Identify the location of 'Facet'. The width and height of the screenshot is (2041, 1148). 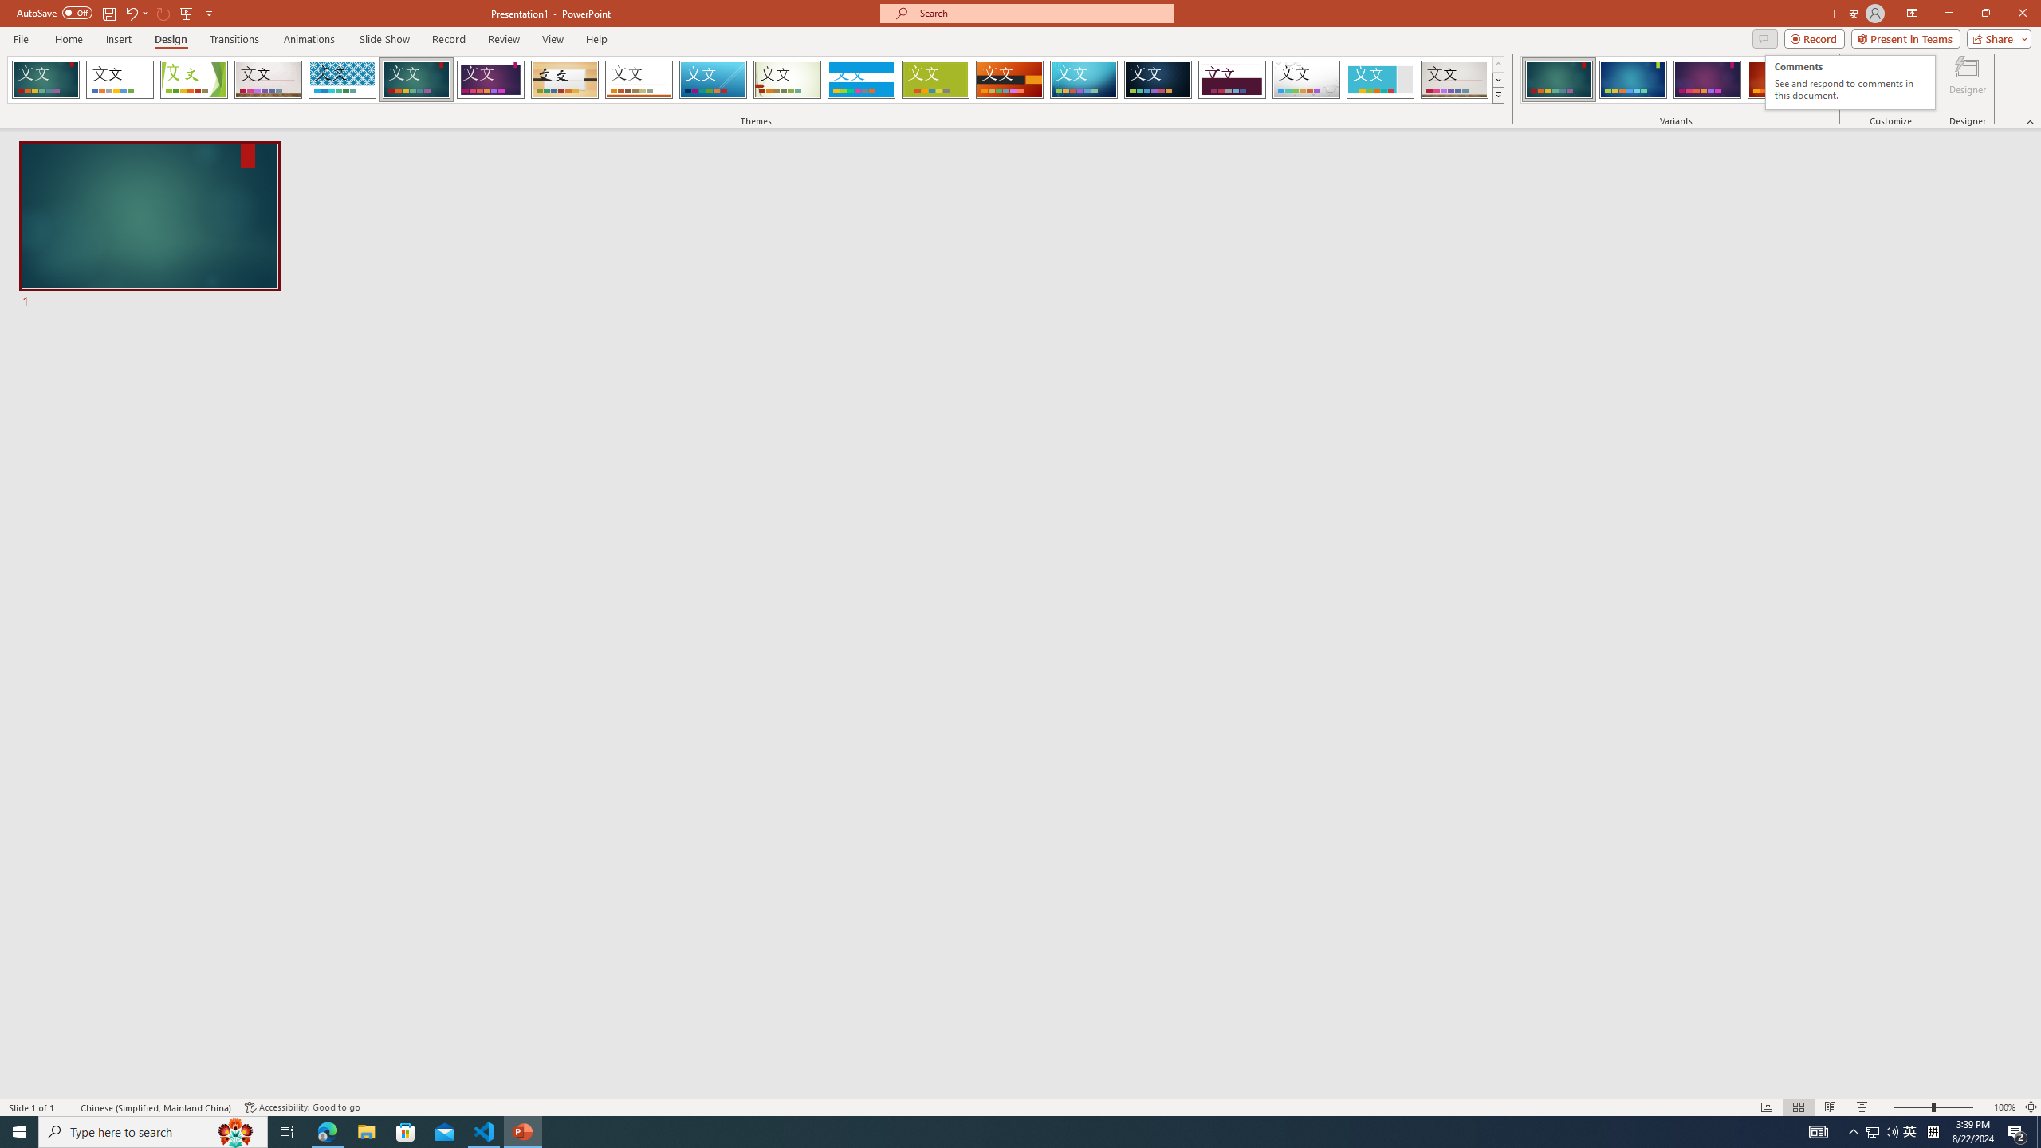
(193, 79).